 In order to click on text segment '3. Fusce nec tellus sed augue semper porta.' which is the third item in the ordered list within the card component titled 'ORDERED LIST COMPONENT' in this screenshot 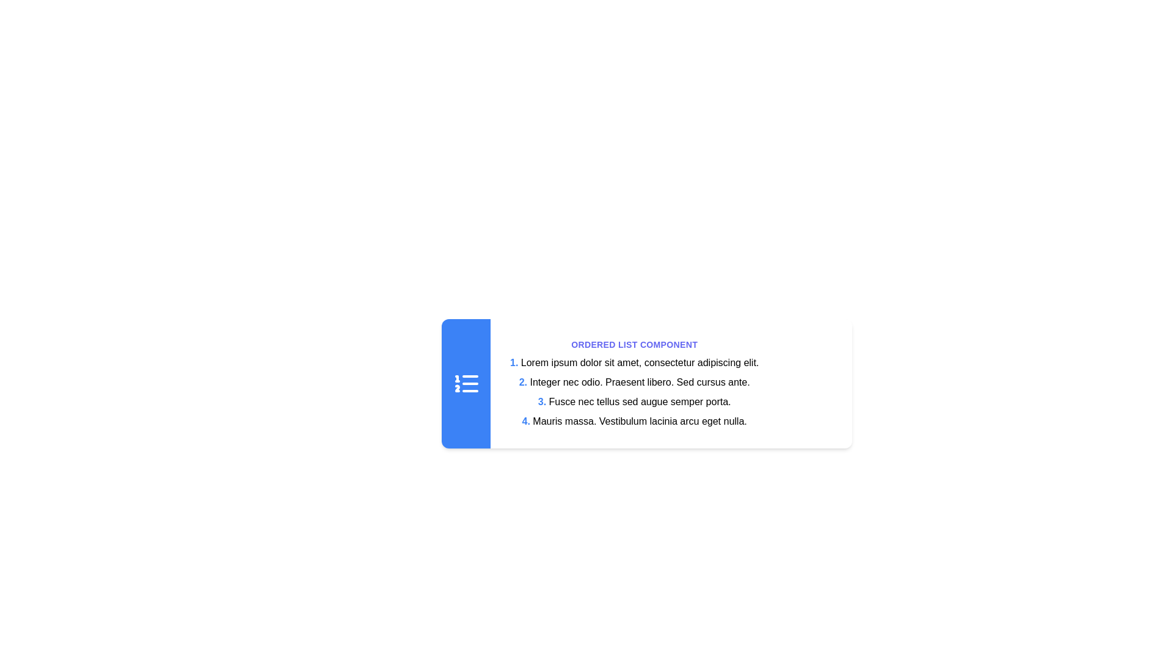, I will do `click(634, 402)`.